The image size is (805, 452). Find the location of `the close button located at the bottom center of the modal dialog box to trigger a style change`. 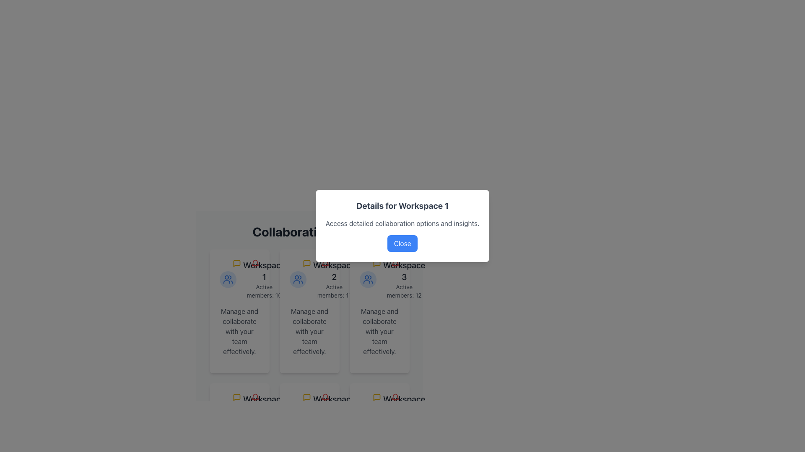

the close button located at the bottom center of the modal dialog box to trigger a style change is located at coordinates (402, 244).